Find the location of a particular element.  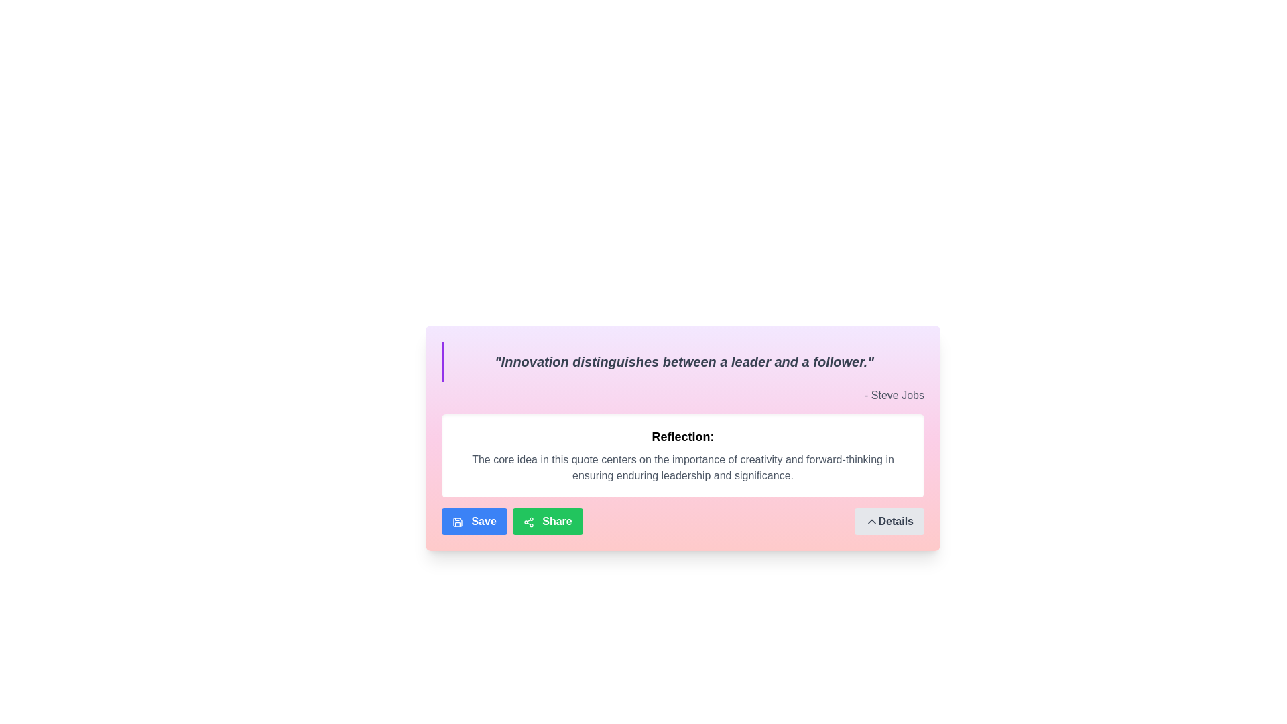

the share icon located within the green 'Share' button, positioned at the bottom center of the interface, left of the text label 'Share' is located at coordinates (528, 521).